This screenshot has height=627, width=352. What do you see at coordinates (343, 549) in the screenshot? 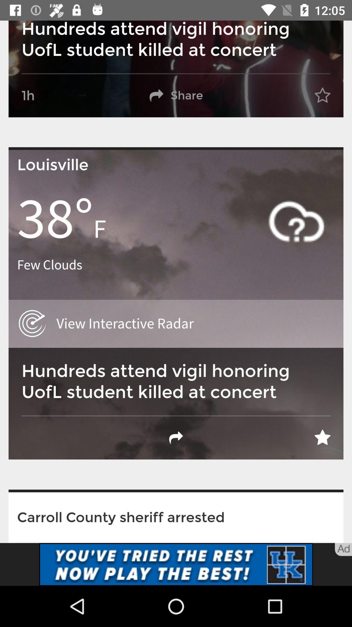
I see `ad icon` at bounding box center [343, 549].